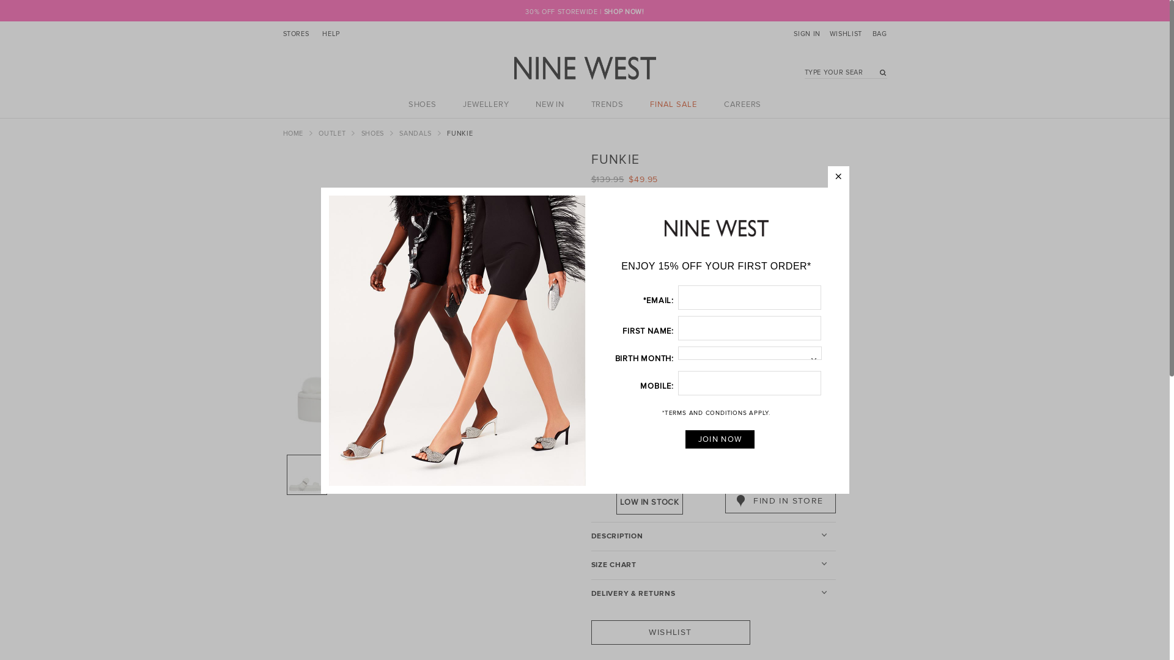 The width and height of the screenshot is (1174, 660). What do you see at coordinates (307, 474) in the screenshot?
I see `'FUNKIE  IVORY'` at bounding box center [307, 474].